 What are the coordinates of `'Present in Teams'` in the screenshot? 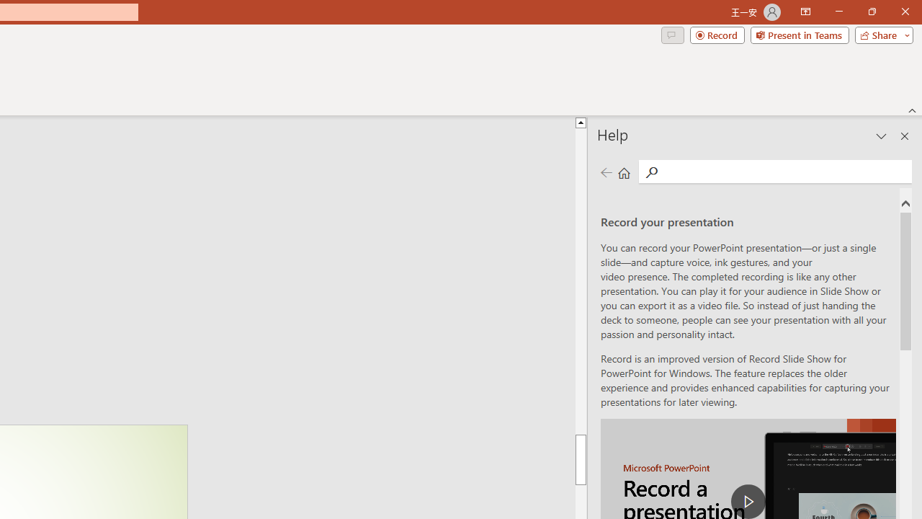 It's located at (799, 34).